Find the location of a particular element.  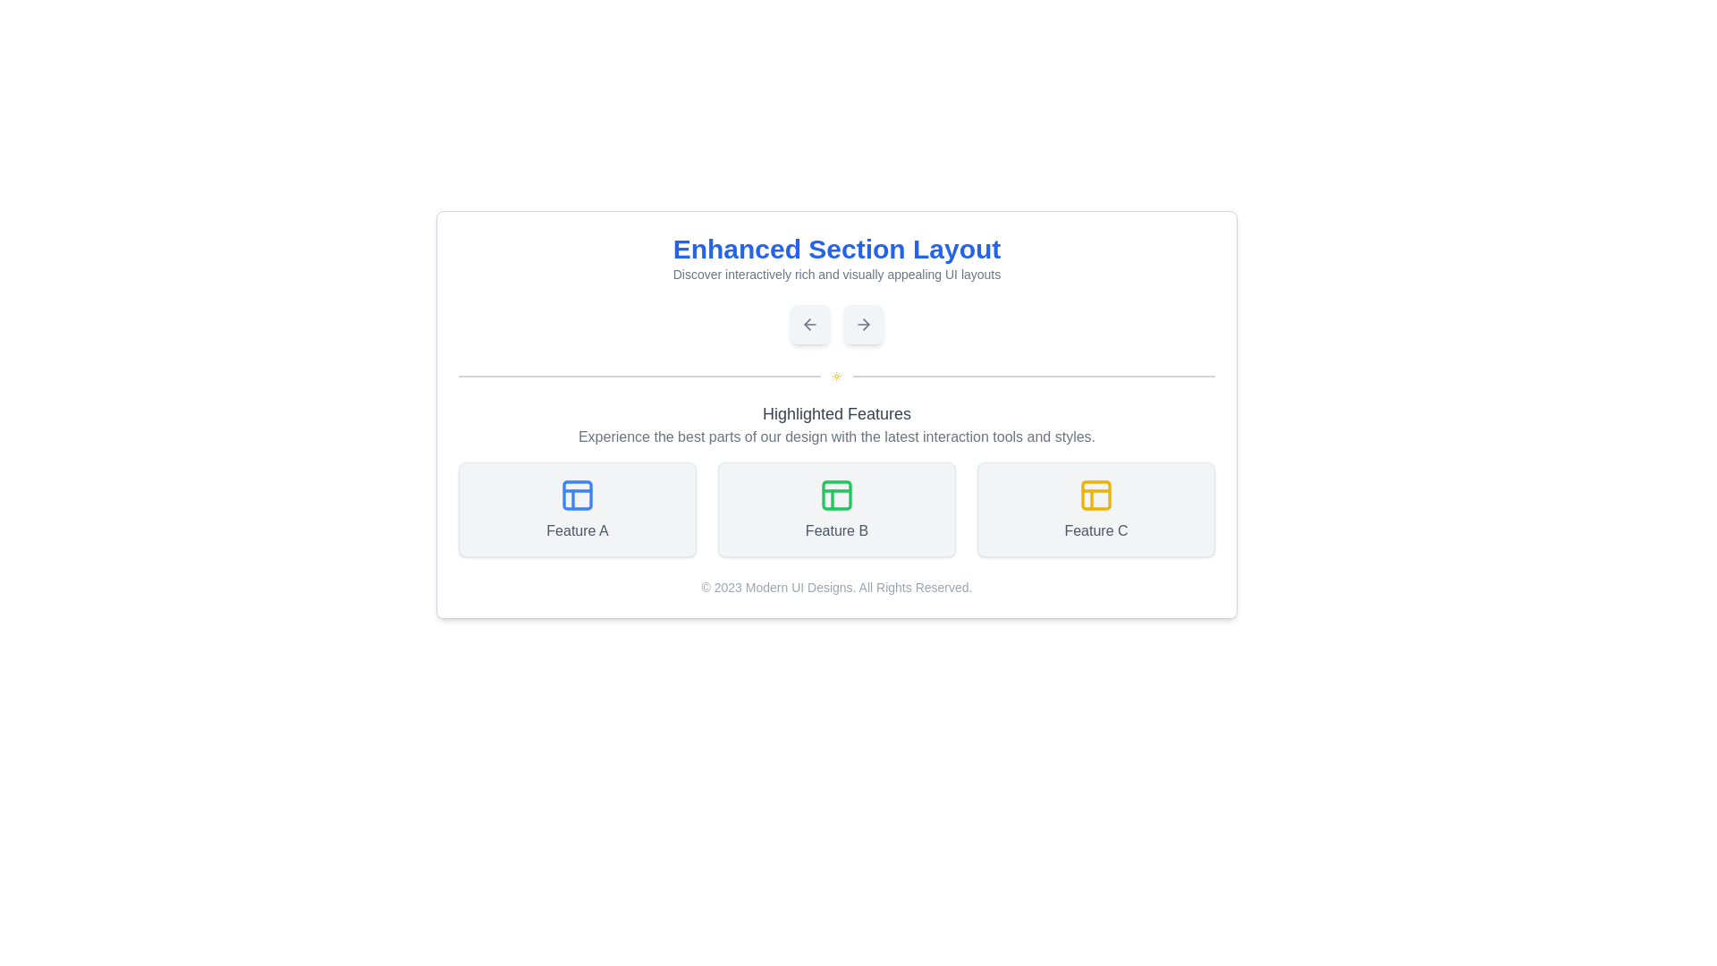

the text label reading 'Feature A', which is styled in medium-dark gray font and located below a blue grid icon is located at coordinates (578, 530).